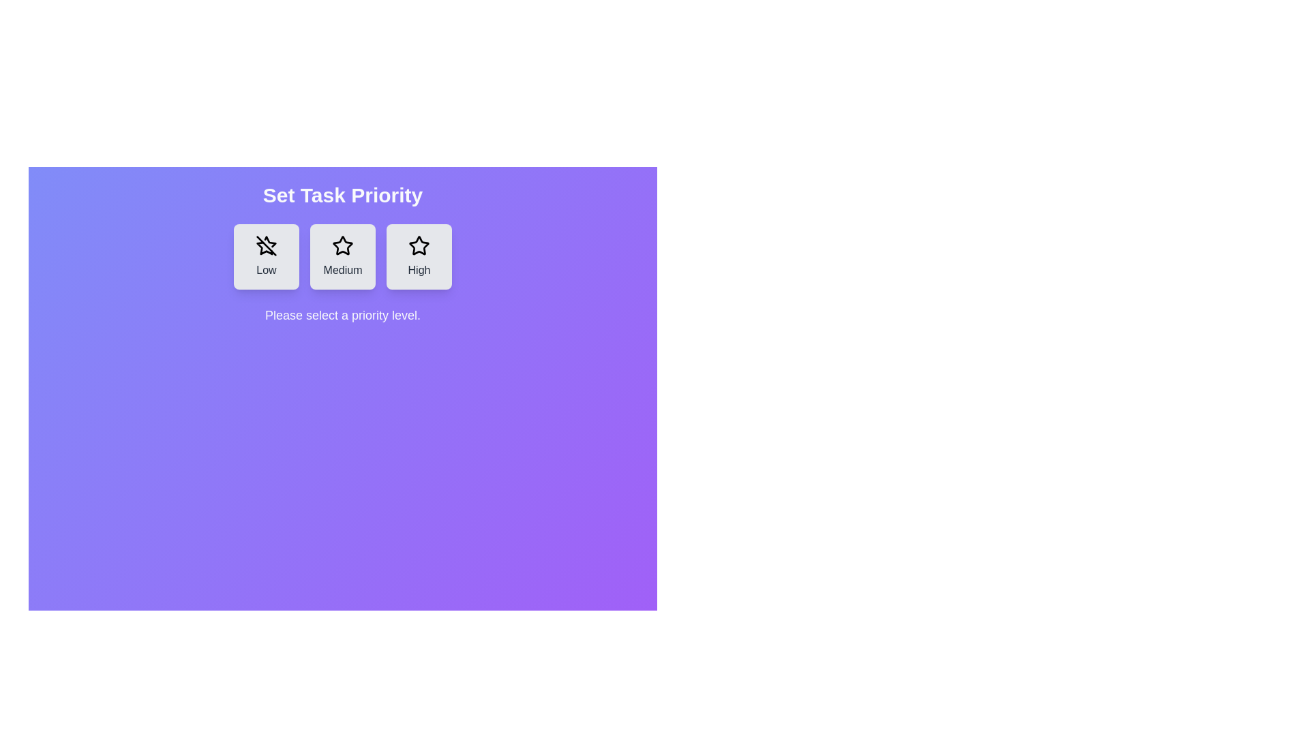 The image size is (1309, 736). I want to click on the button corresponding to the priority level Medium, so click(343, 257).